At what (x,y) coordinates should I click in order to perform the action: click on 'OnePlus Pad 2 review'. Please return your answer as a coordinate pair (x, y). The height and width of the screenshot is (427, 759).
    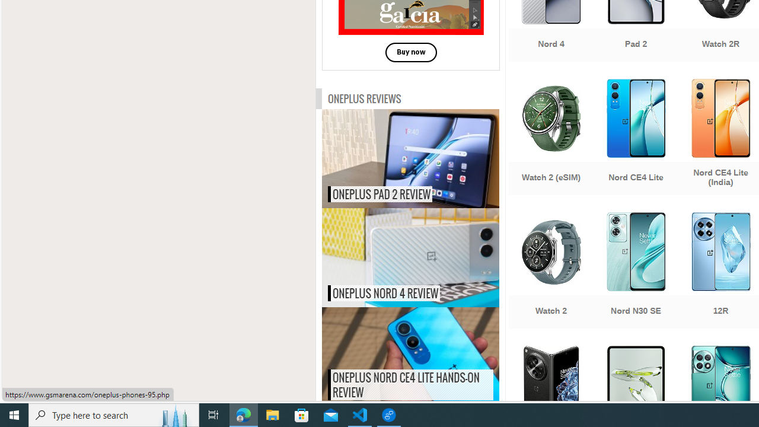
    Looking at the image, I should click on (435, 158).